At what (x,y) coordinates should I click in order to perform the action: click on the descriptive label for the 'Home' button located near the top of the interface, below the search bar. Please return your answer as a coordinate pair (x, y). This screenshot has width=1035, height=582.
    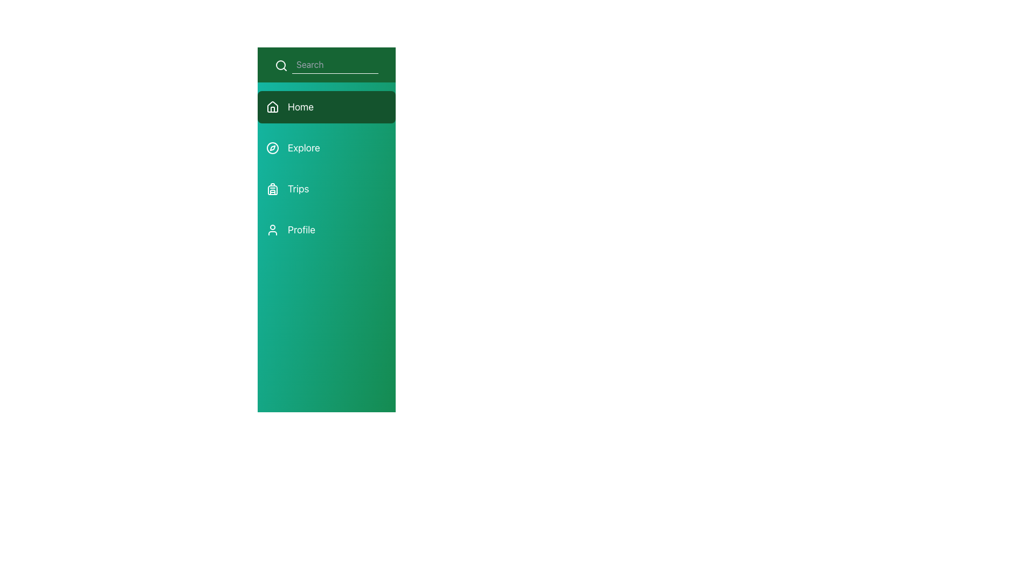
    Looking at the image, I should click on (300, 107).